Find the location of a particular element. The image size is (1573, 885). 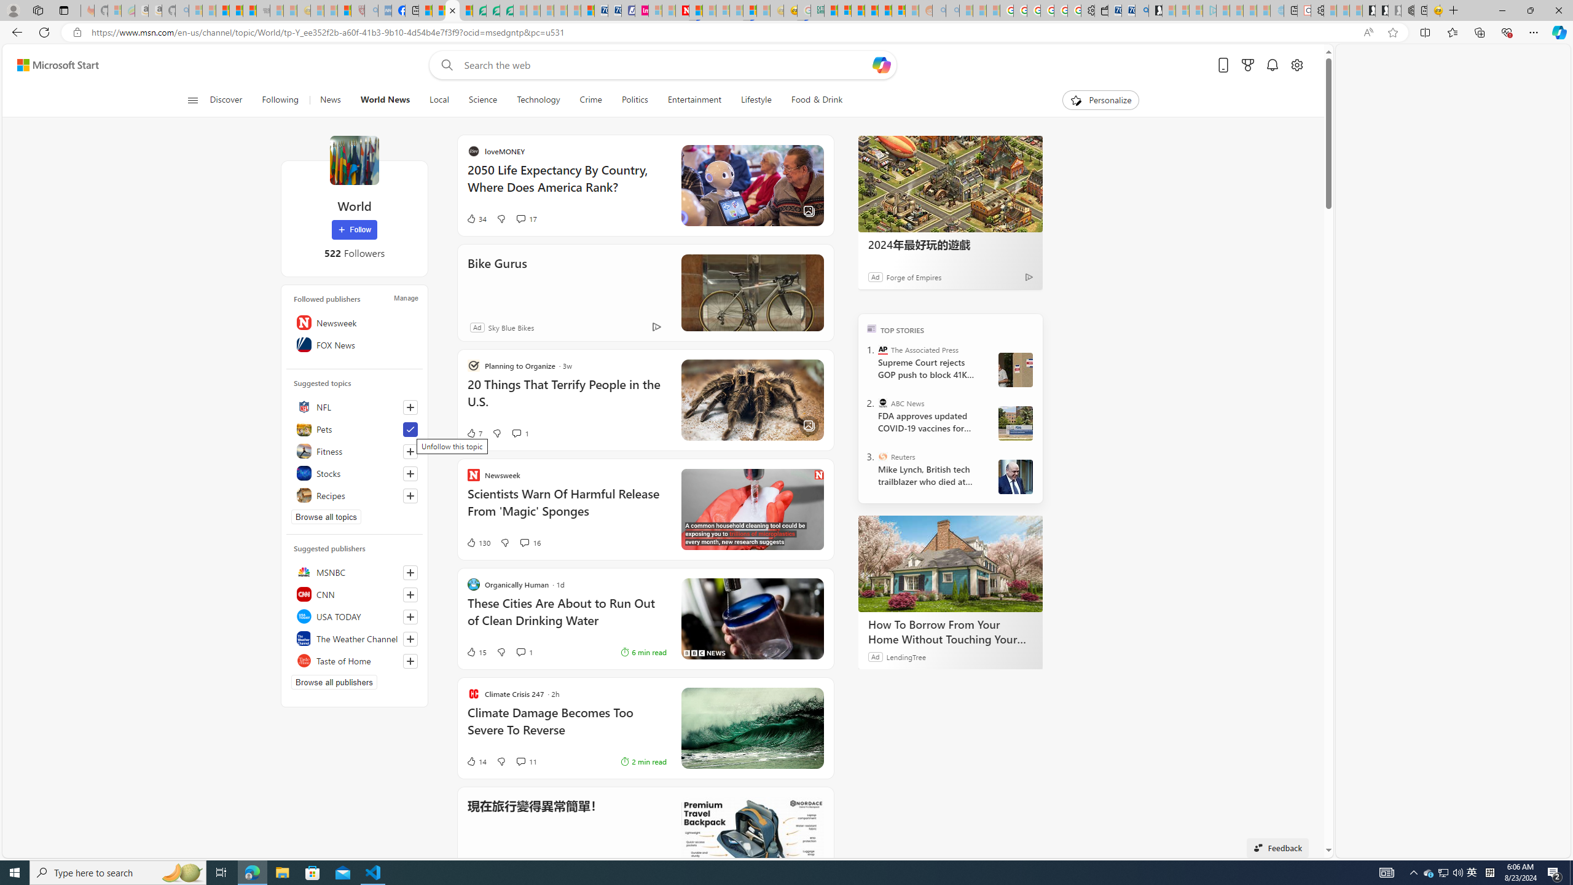

'The Weather Channel' is located at coordinates (353, 637).